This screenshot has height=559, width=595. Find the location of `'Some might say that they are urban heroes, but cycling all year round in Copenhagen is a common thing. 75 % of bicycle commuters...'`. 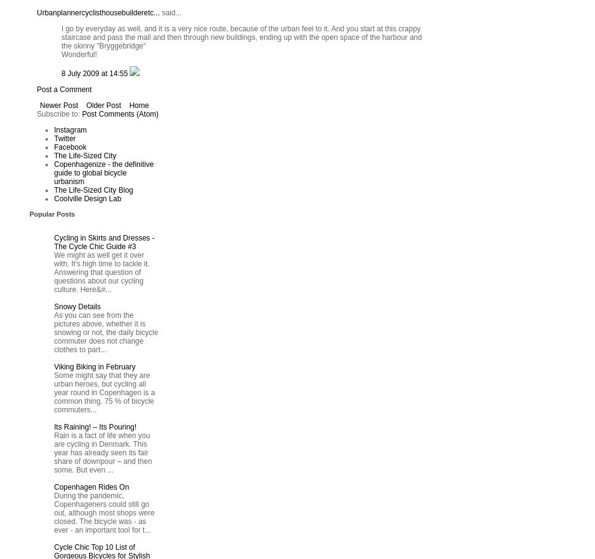

'Some might say that they are urban heroes, but cycling all year round in Copenhagen is a common thing. 75 % of bicycle commuters...' is located at coordinates (104, 392).